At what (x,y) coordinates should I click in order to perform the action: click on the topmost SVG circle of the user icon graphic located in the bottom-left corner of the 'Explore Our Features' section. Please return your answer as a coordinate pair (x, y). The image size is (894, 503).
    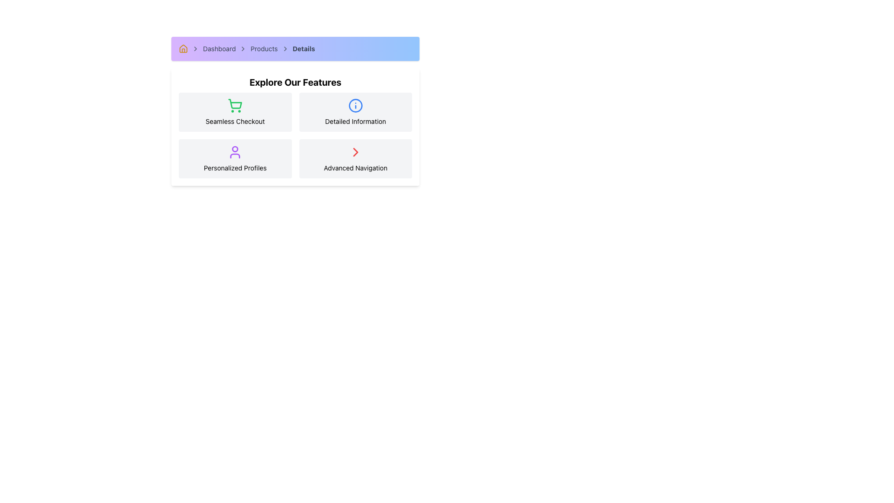
    Looking at the image, I should click on (235, 149).